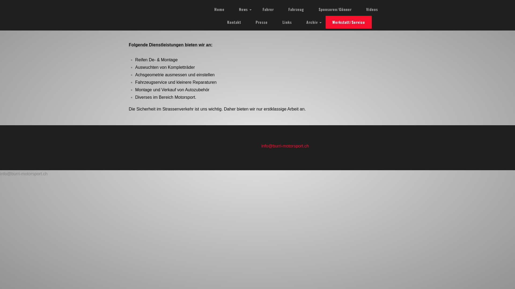 This screenshot has width=515, height=289. Describe the element at coordinates (325, 22) in the screenshot. I see `'Werkstatt/Service'` at that location.